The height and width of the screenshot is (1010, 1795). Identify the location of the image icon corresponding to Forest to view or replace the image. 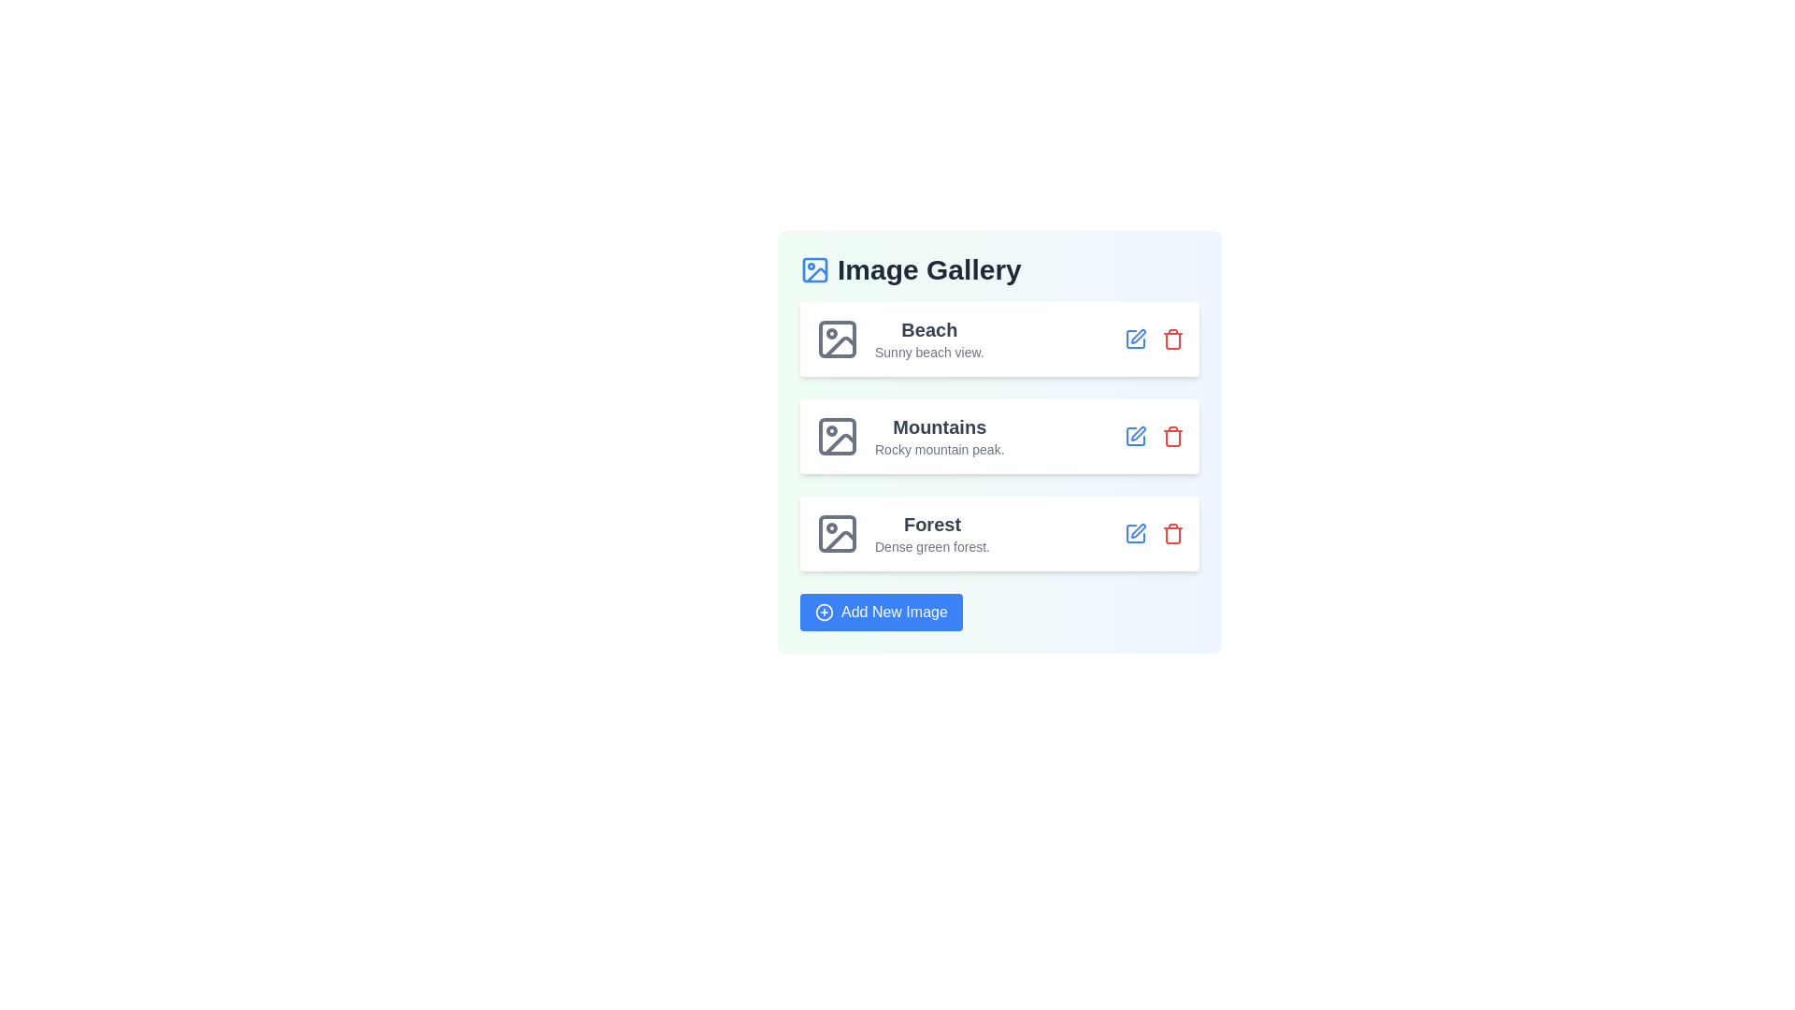
(837, 533).